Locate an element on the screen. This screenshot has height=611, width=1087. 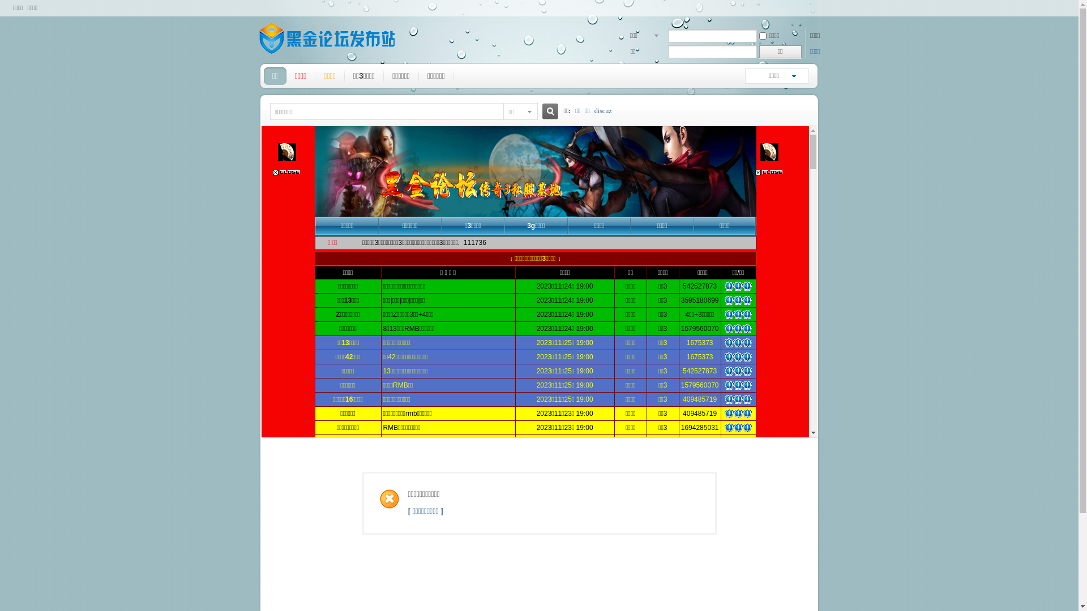
'discuz' is located at coordinates (602, 111).